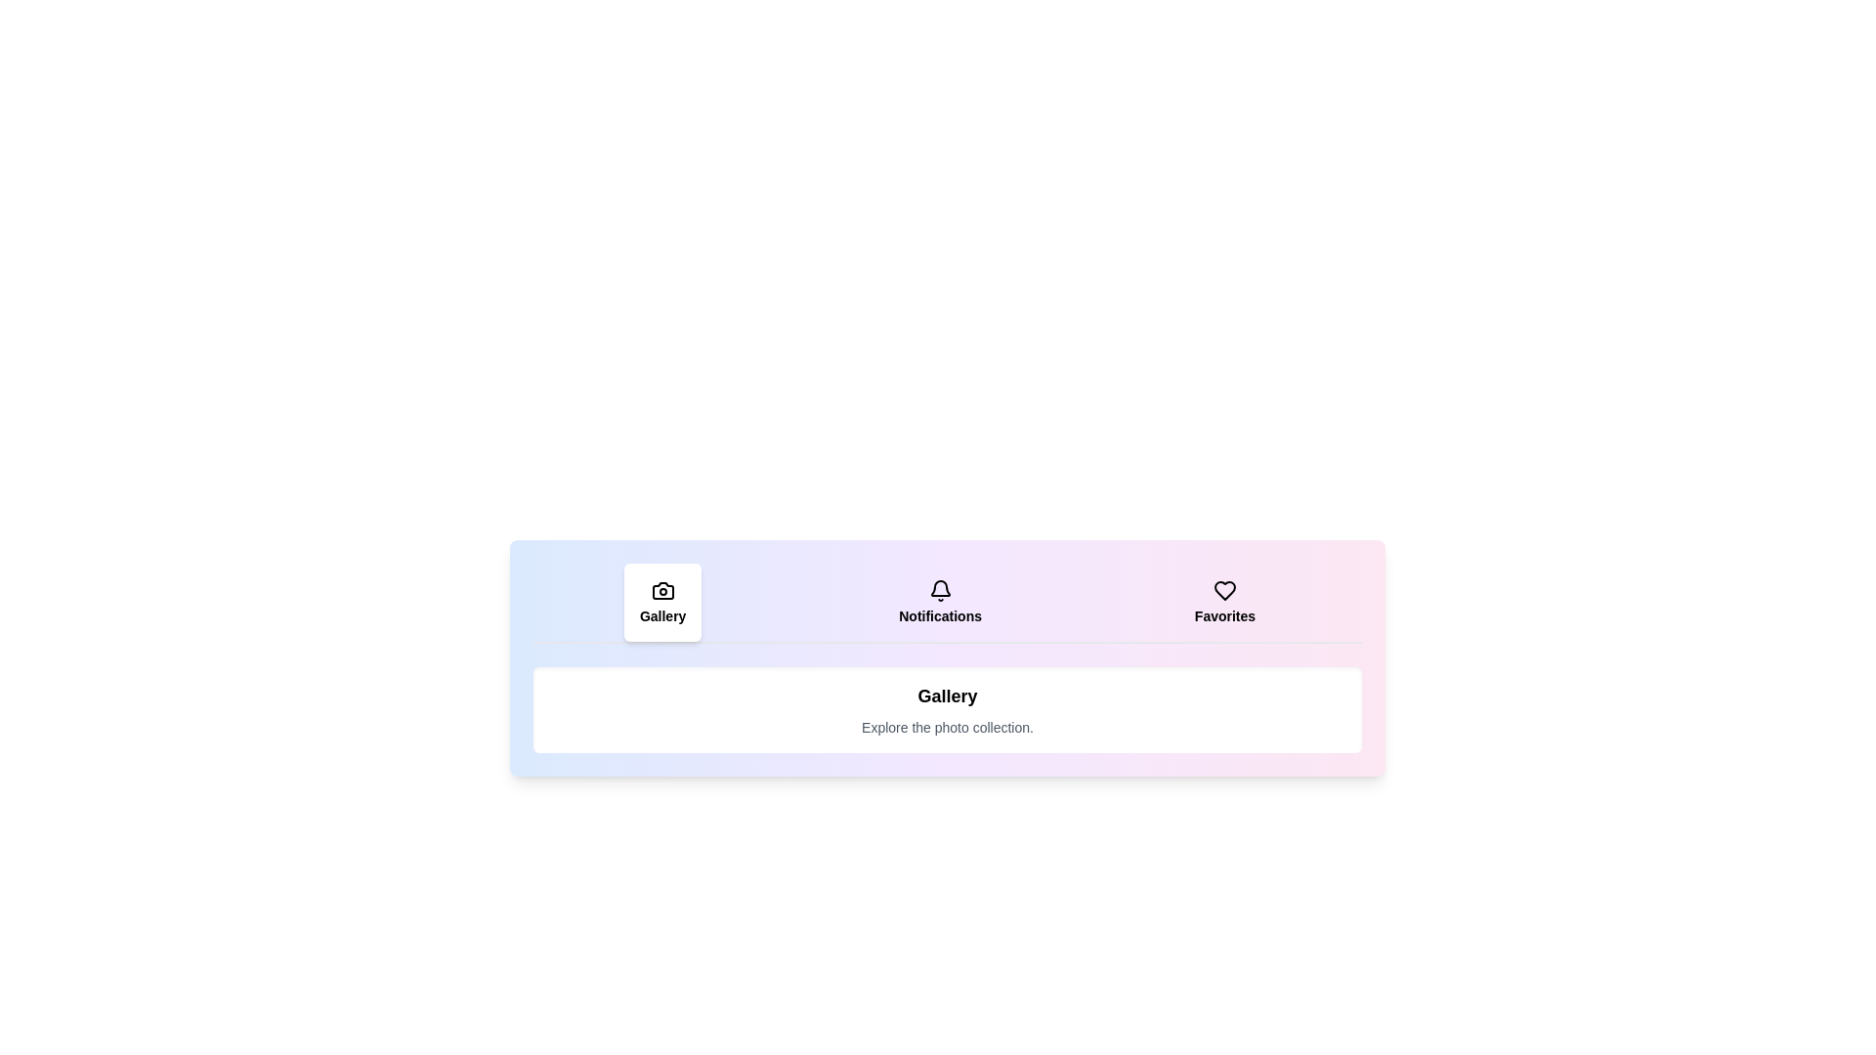  Describe the element at coordinates (940, 602) in the screenshot. I see `the tab labeled Notifications to view its hover effect` at that location.